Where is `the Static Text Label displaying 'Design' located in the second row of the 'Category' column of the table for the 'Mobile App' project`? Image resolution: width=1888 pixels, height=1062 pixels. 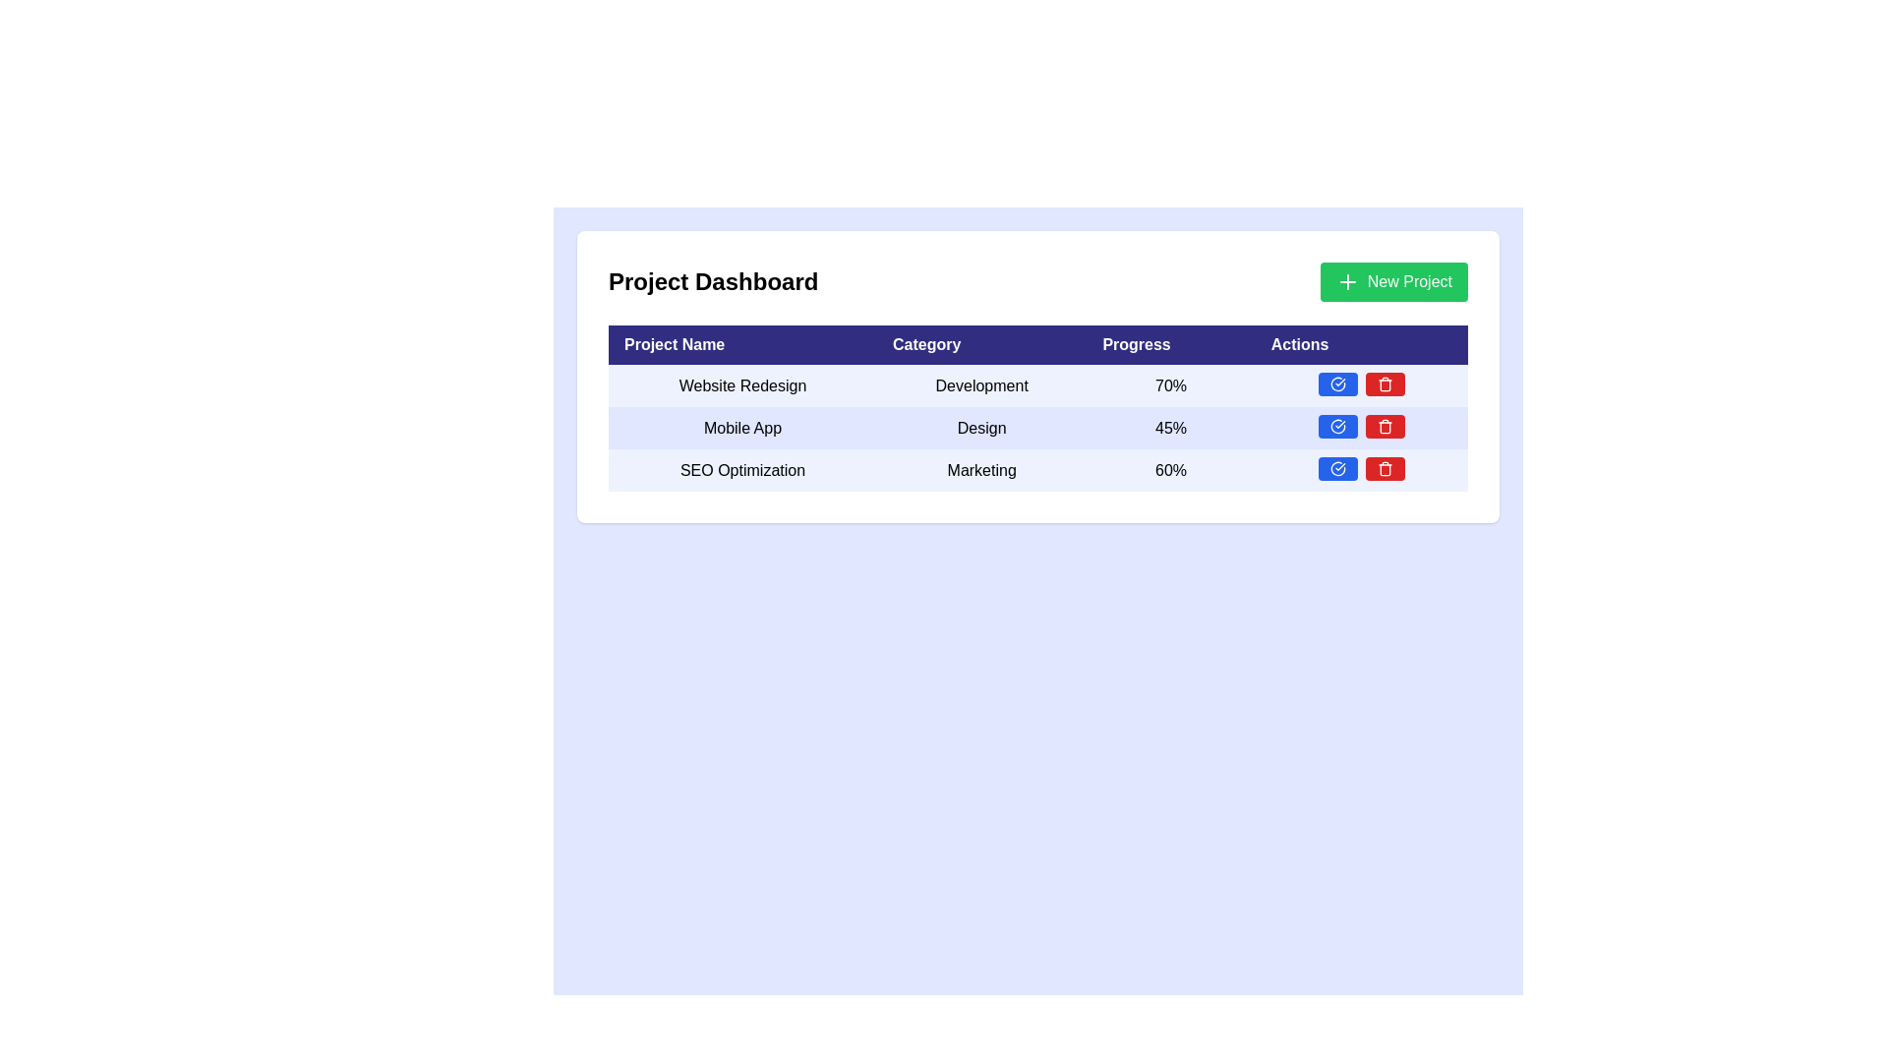
the Static Text Label displaying 'Design' located in the second row of the 'Category' column of the table for the 'Mobile App' project is located at coordinates (981, 427).